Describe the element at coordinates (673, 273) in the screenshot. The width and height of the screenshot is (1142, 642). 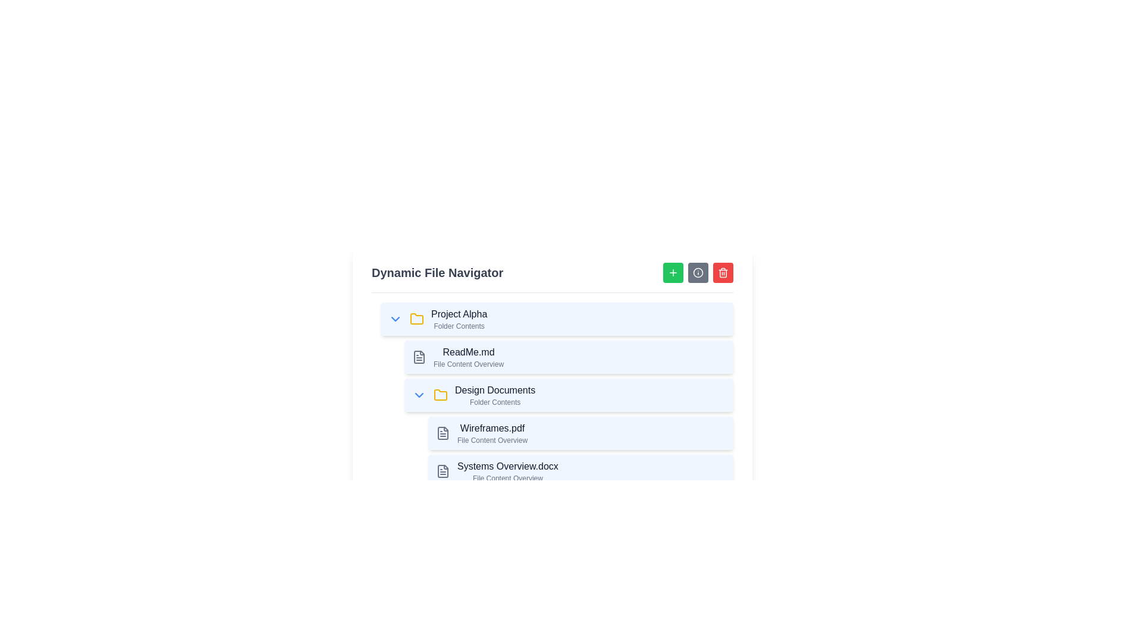
I see `the green circular button with a white plus icon located in the top-right corner of the navigation panel` at that location.